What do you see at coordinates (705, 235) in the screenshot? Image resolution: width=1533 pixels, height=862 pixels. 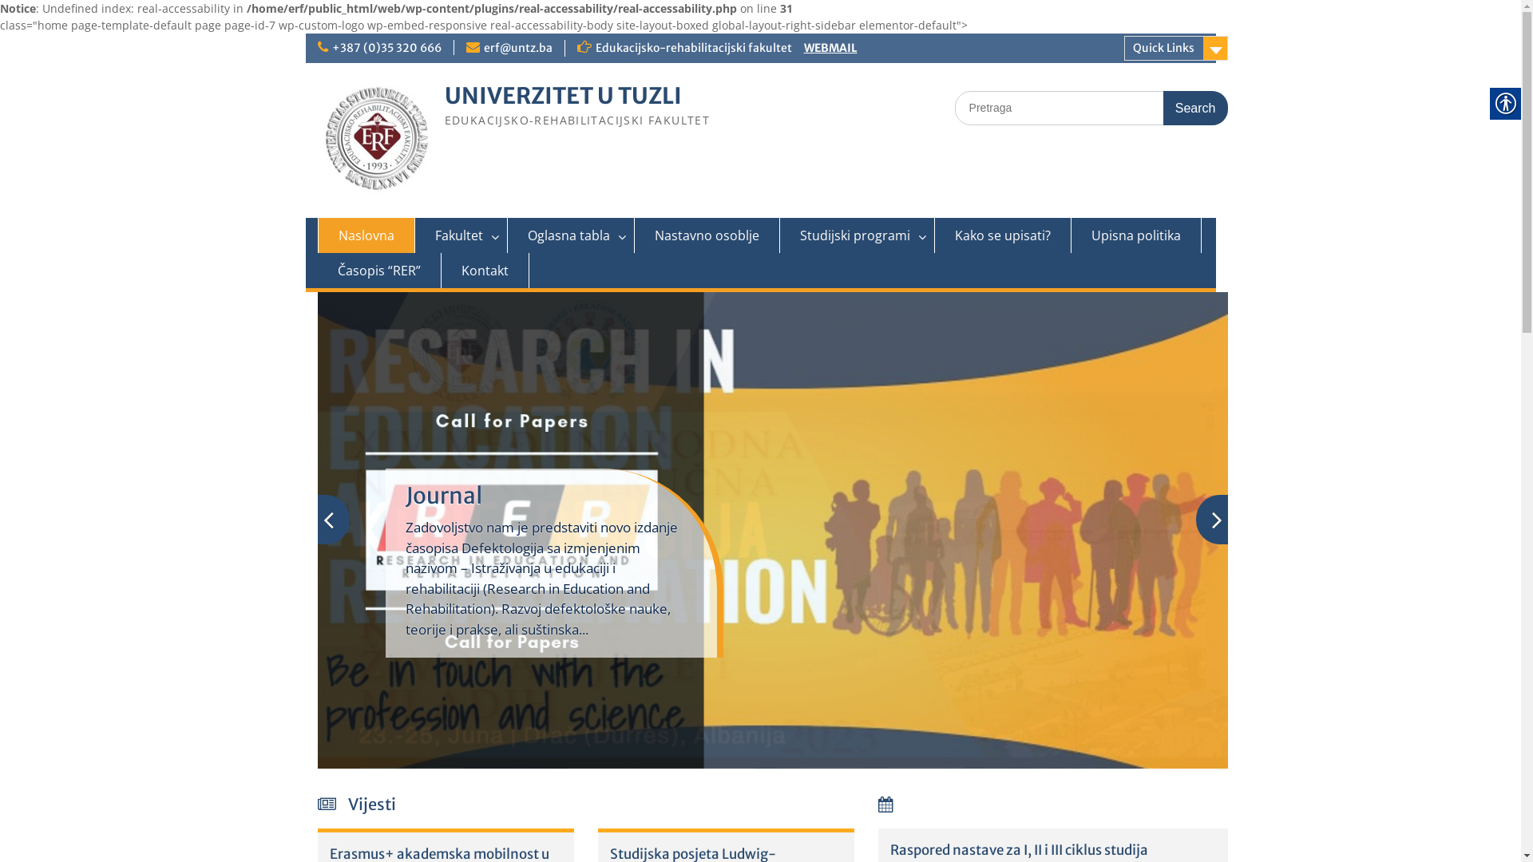 I see `'Nastavno osoblje'` at bounding box center [705, 235].